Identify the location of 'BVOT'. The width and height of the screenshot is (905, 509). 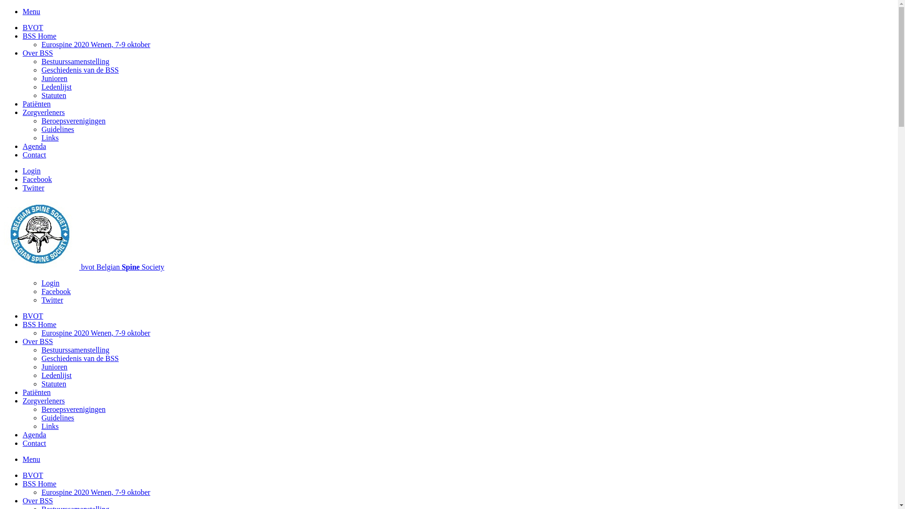
(33, 316).